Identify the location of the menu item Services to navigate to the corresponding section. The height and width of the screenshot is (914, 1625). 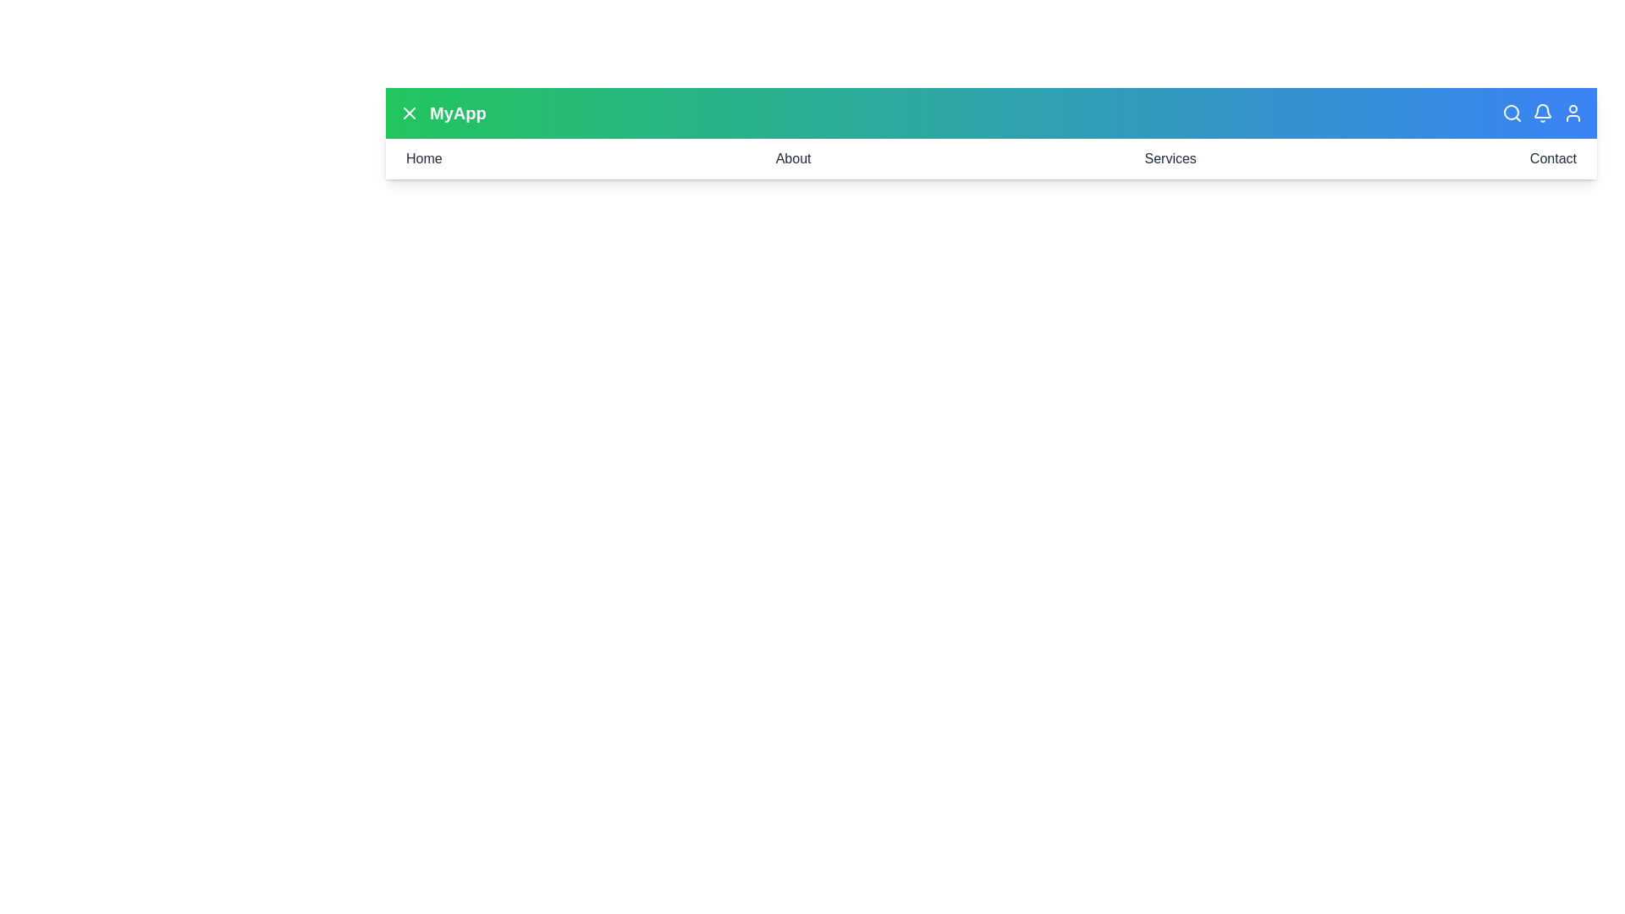
(1169, 159).